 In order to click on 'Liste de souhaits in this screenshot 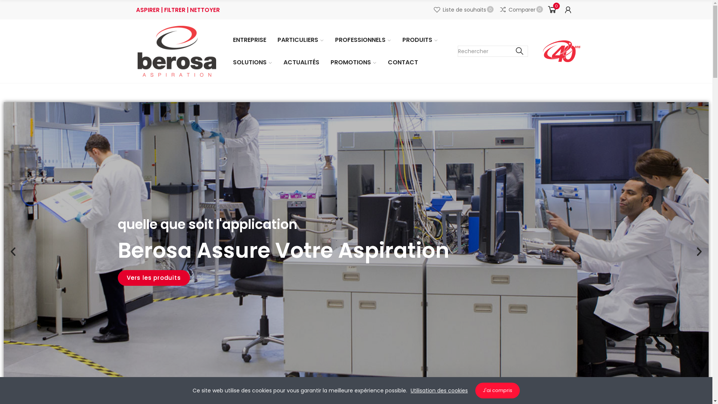, I will do `click(463, 10)`.